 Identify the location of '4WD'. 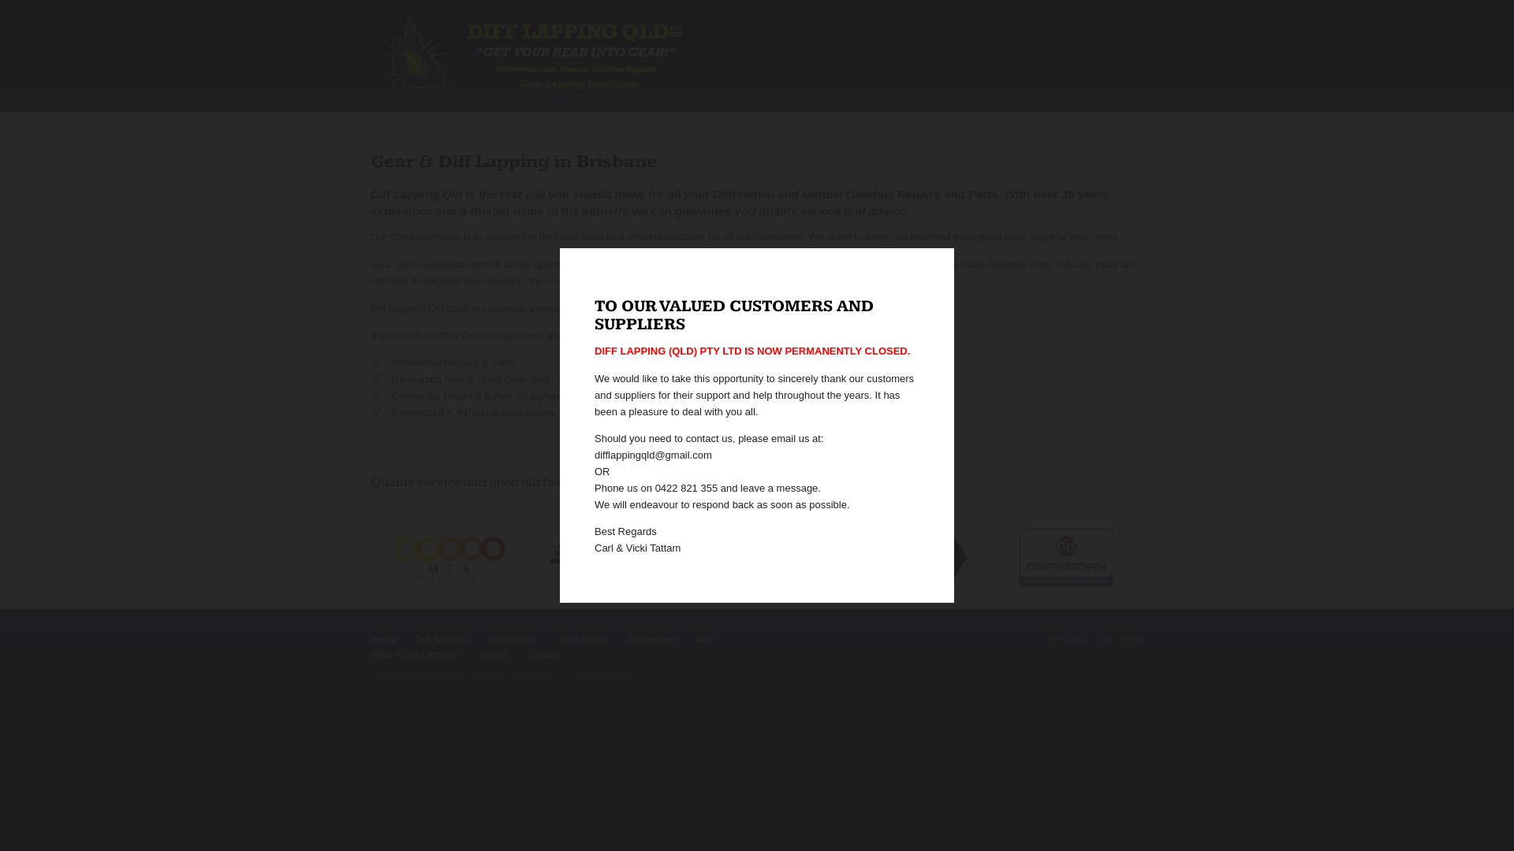
(704, 640).